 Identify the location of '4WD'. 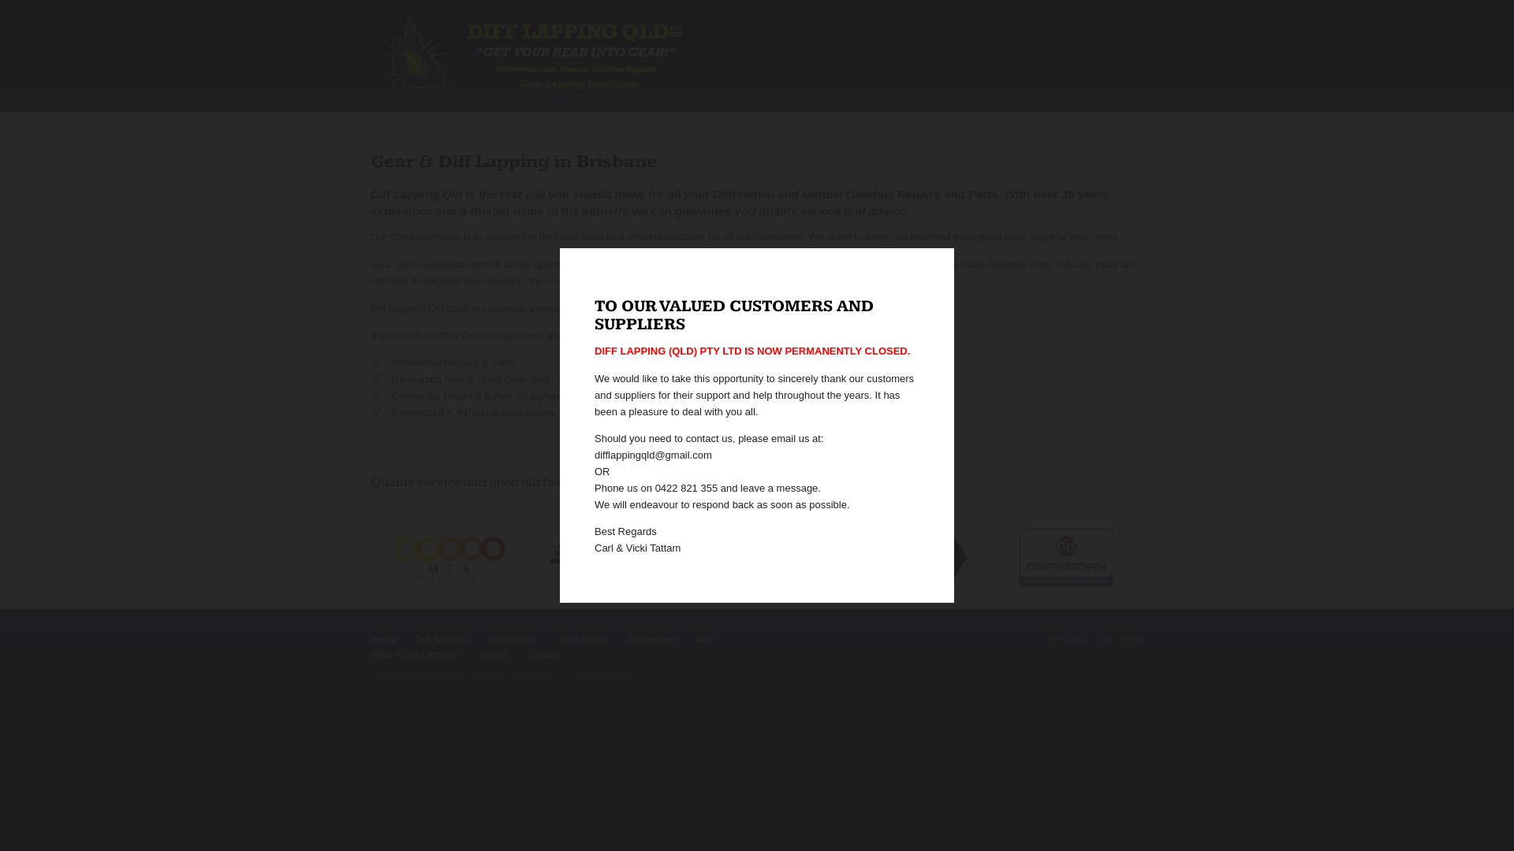
(704, 640).